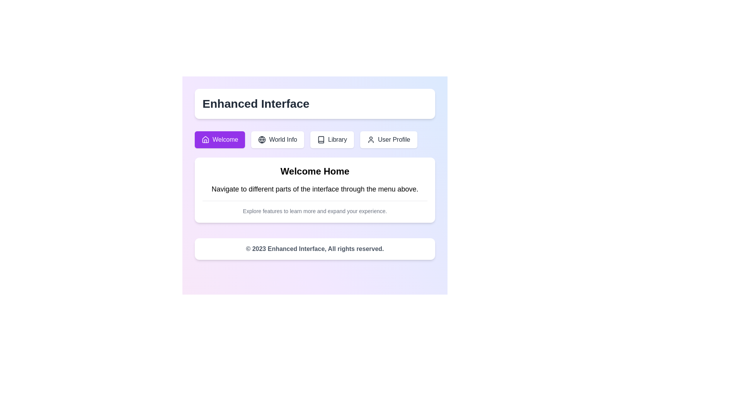 Image resolution: width=742 pixels, height=417 pixels. Describe the element at coordinates (337, 139) in the screenshot. I see `the 'Library' button text label, which is the third button from the left in the horizontal navigation menu, helping users identify the functionality to redirect to the 'Library' section` at that location.